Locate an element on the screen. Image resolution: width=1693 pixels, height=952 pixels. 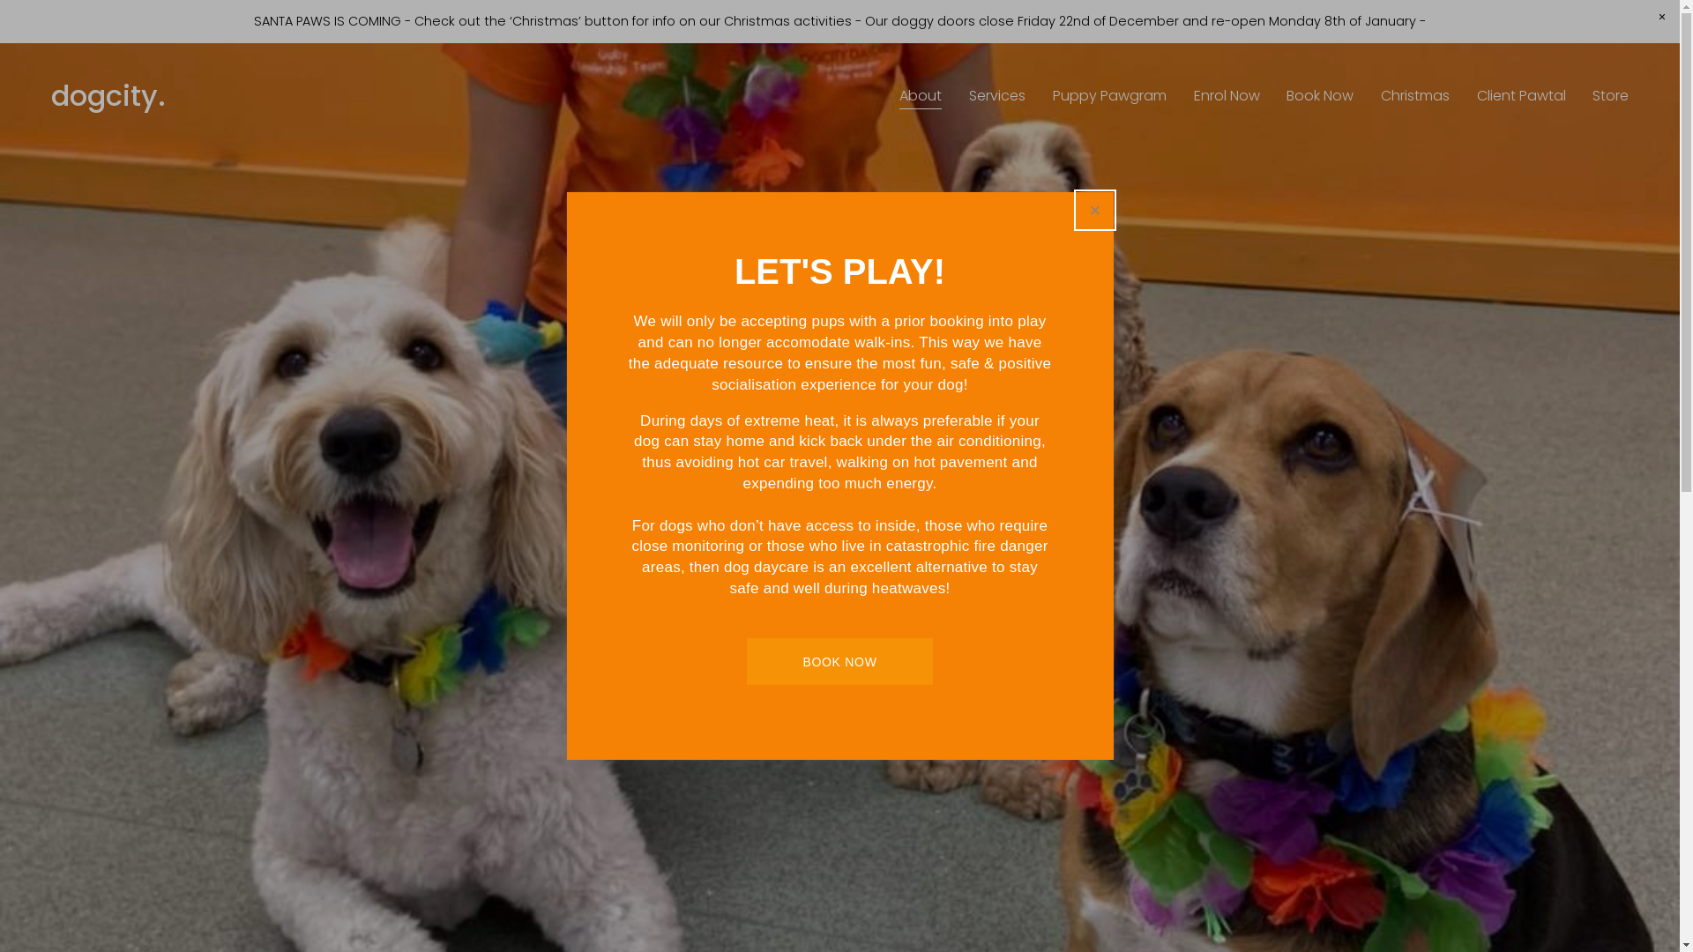
'Book Now' is located at coordinates (1320, 97).